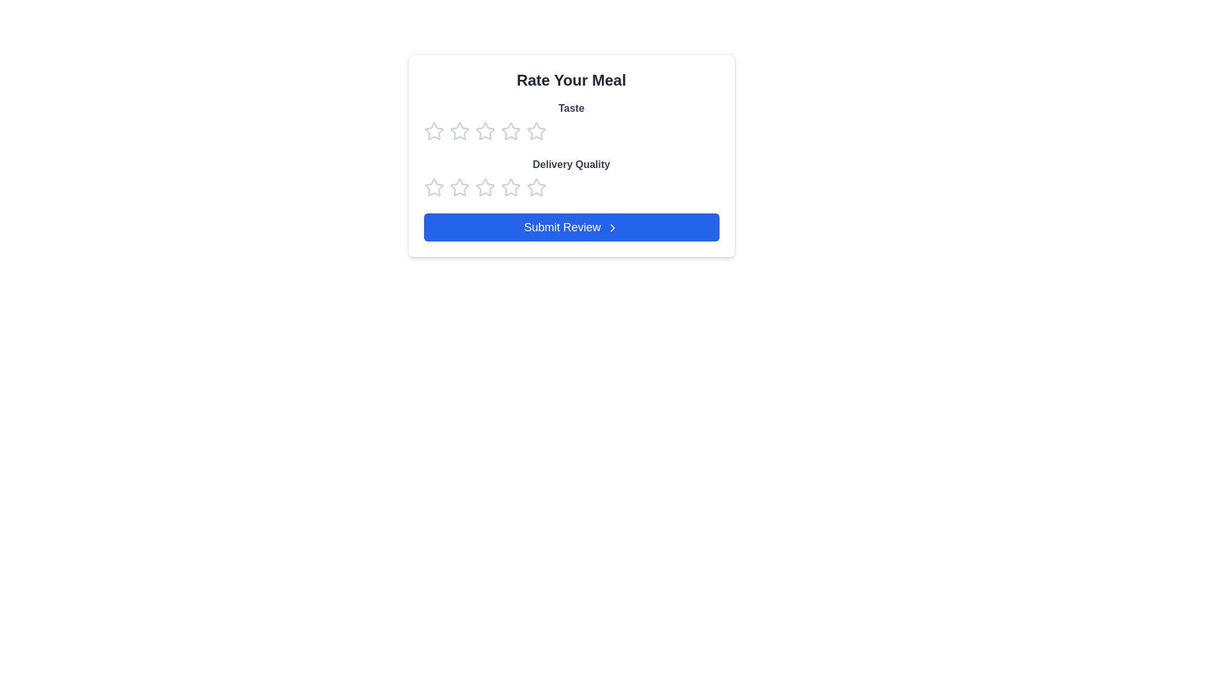 Image resolution: width=1228 pixels, height=690 pixels. What do you see at coordinates (510, 187) in the screenshot?
I see `the fourth star` at bounding box center [510, 187].